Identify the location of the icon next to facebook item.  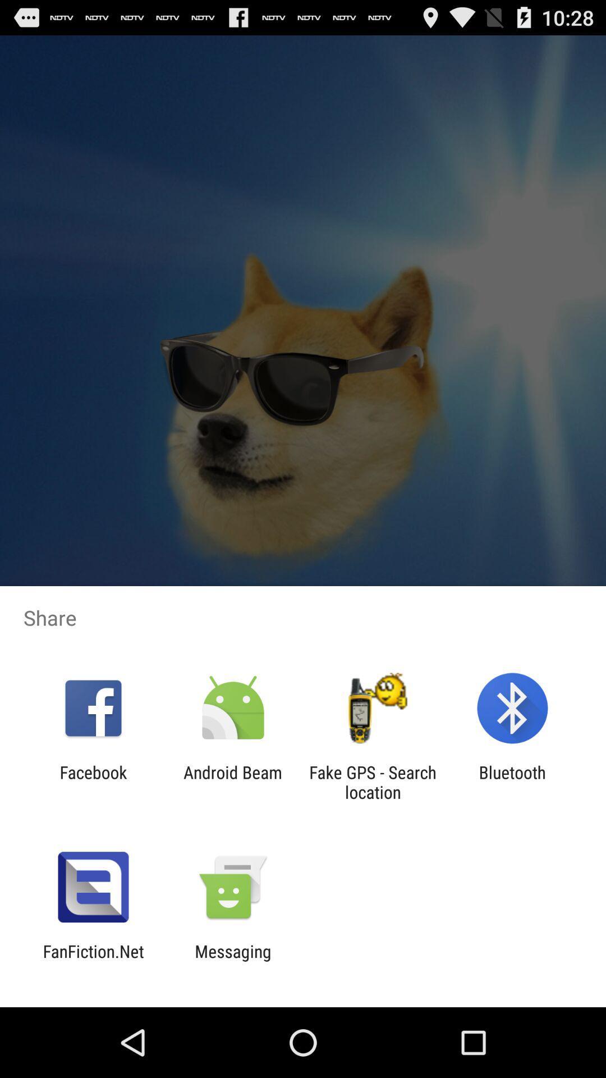
(232, 782).